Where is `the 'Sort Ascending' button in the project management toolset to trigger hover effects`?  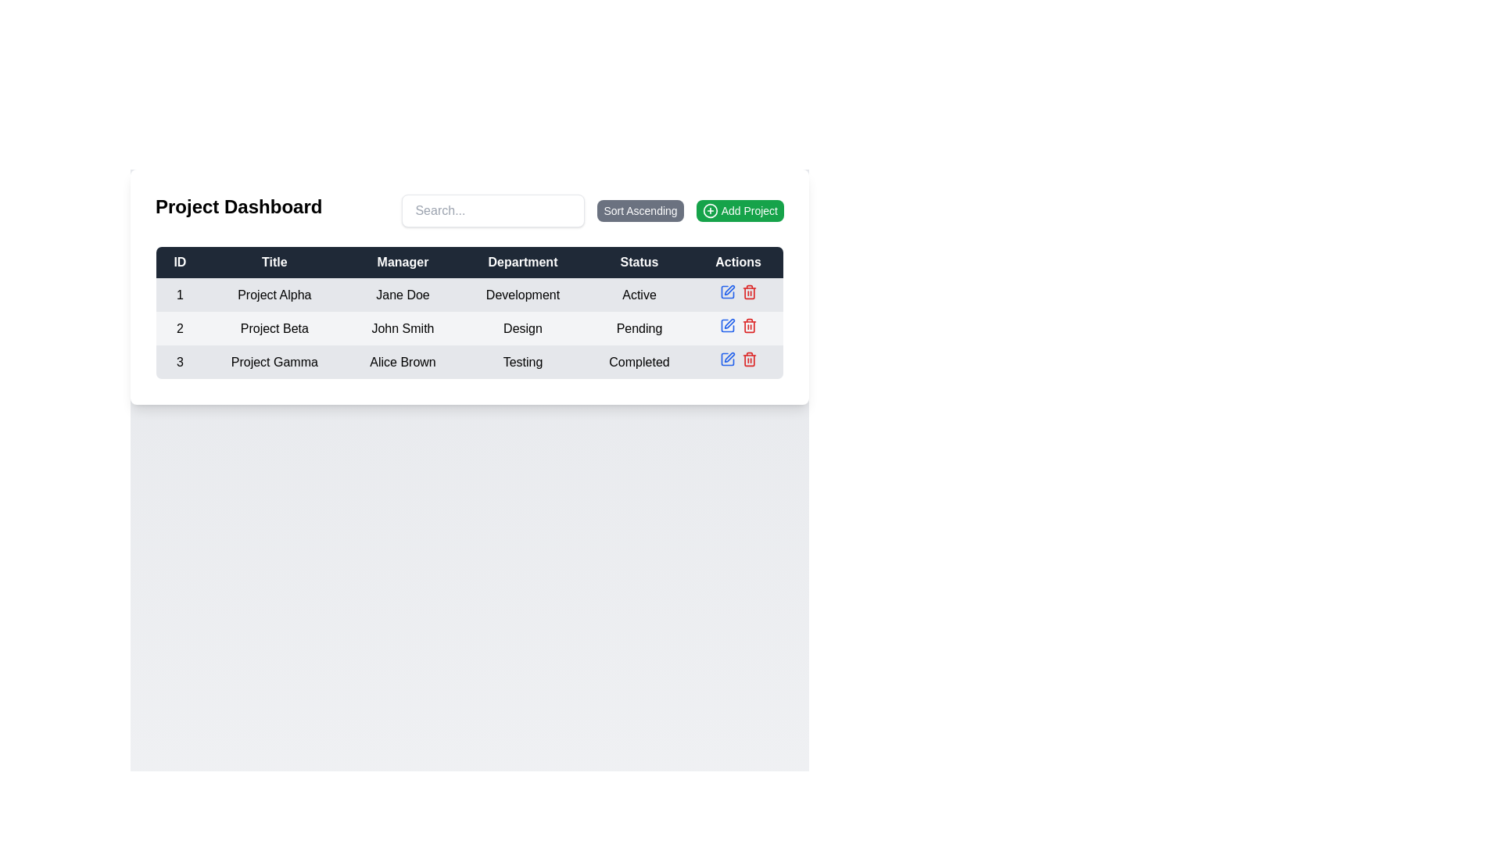
the 'Sort Ascending' button in the project management toolset to trigger hover effects is located at coordinates (592, 211).